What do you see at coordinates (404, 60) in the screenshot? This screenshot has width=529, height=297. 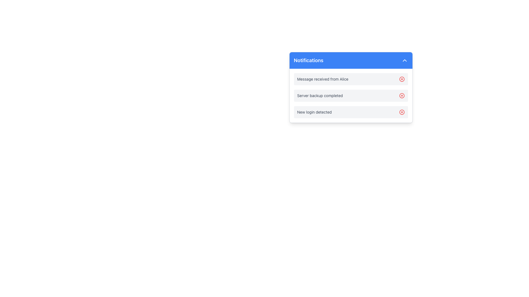 I see `the upward-pointing chevron icon located in the blue 'Notifications' header bar, positioned towards the right-hand corner` at bounding box center [404, 60].